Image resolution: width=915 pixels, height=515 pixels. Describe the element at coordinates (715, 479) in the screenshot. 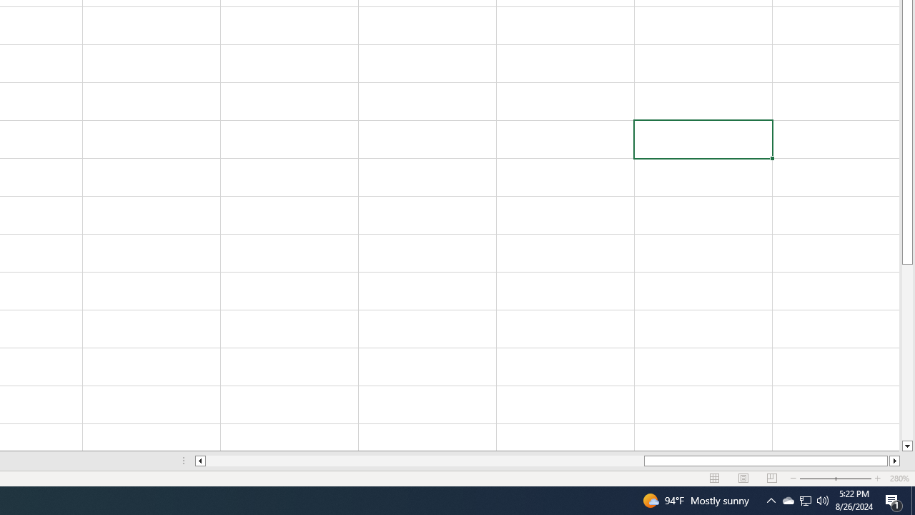

I see `'Normal'` at that location.